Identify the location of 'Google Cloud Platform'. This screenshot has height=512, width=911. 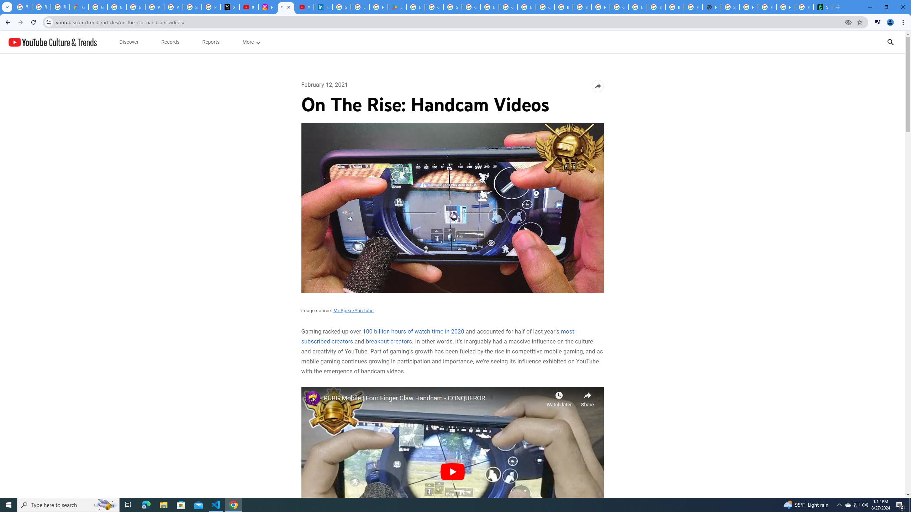
(618, 7).